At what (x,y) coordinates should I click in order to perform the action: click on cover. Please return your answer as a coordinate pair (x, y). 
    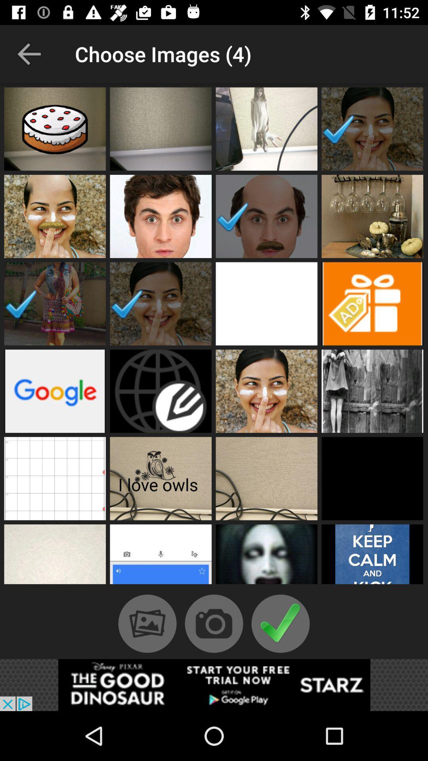
    Looking at the image, I should click on (160, 391).